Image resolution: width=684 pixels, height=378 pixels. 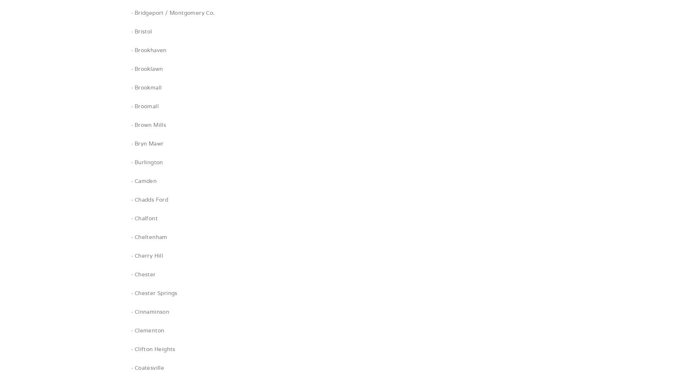 I want to click on '· Clementon', so click(x=131, y=330).